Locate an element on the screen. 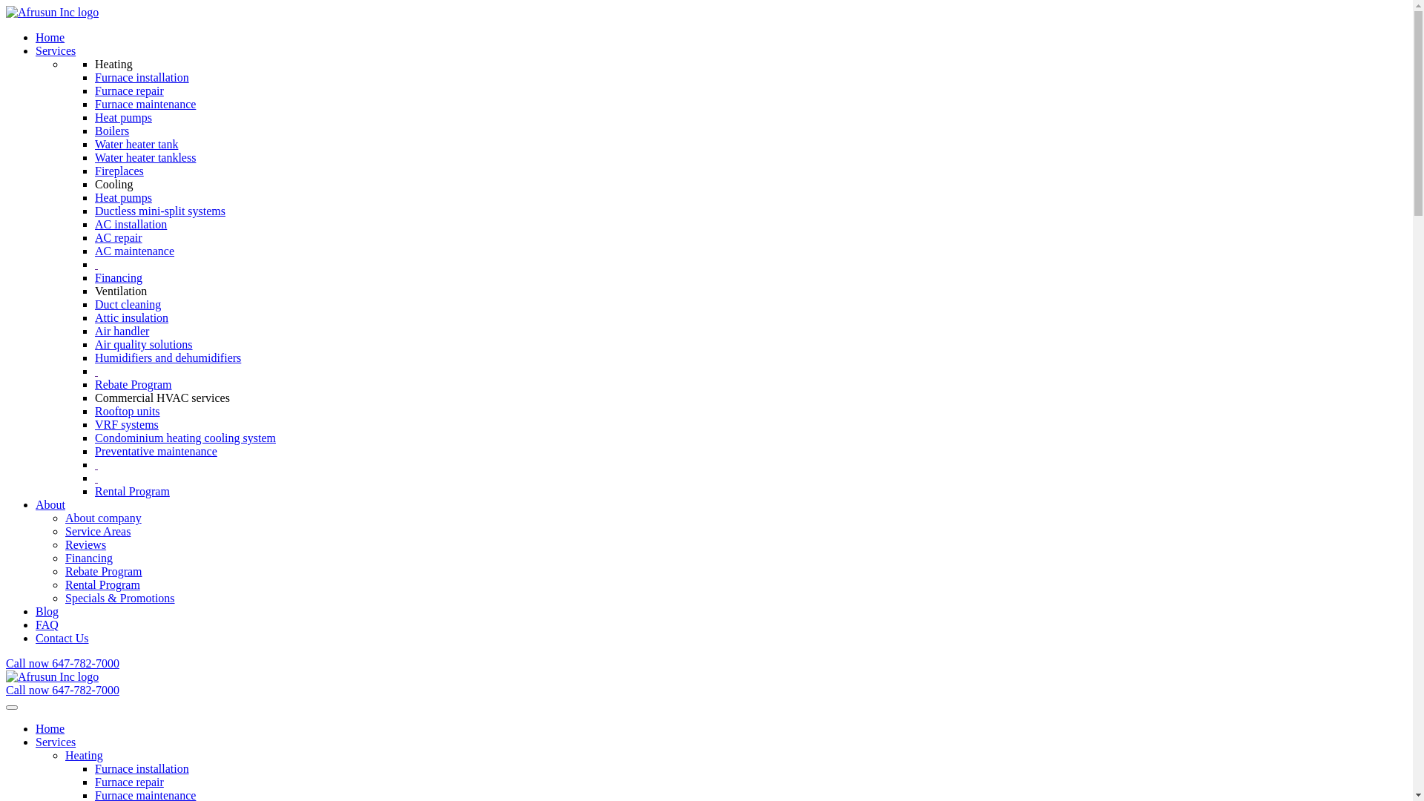  'Reviews' is located at coordinates (85, 544).